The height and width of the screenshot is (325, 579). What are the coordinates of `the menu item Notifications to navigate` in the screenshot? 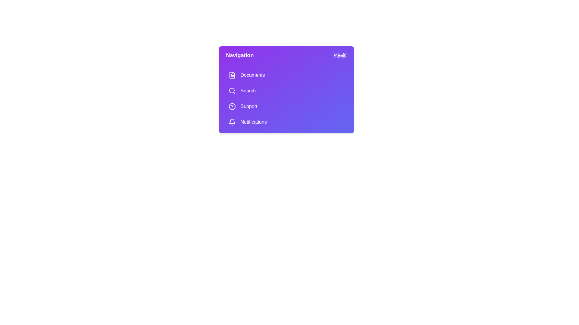 It's located at (286, 122).